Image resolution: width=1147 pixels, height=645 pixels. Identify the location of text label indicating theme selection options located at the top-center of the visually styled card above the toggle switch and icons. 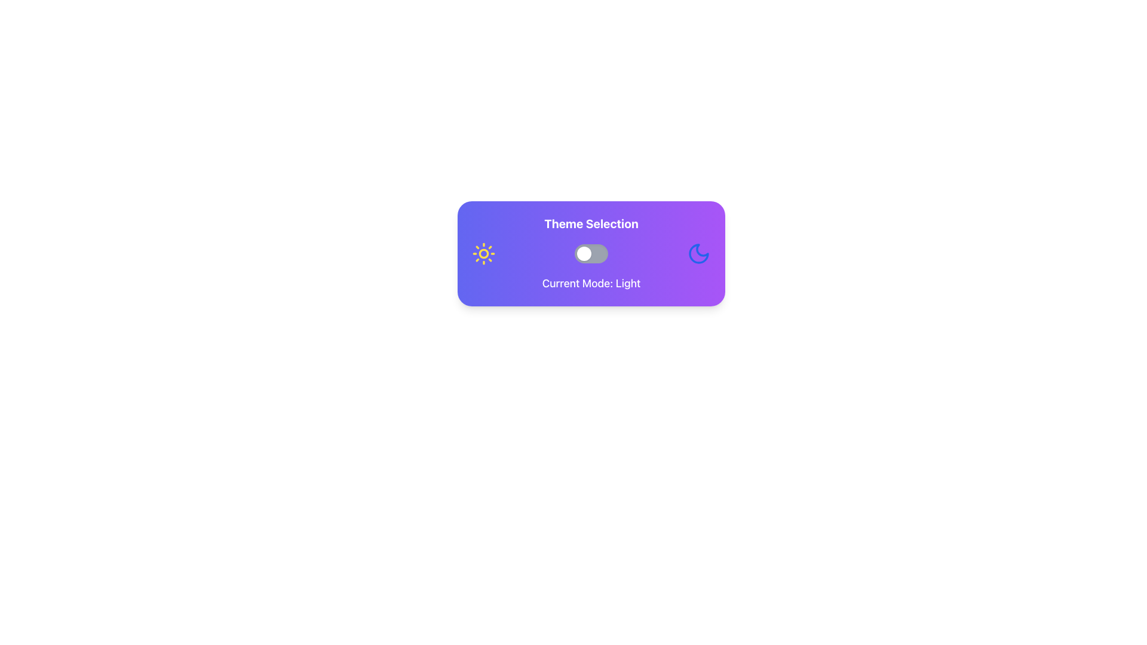
(591, 223).